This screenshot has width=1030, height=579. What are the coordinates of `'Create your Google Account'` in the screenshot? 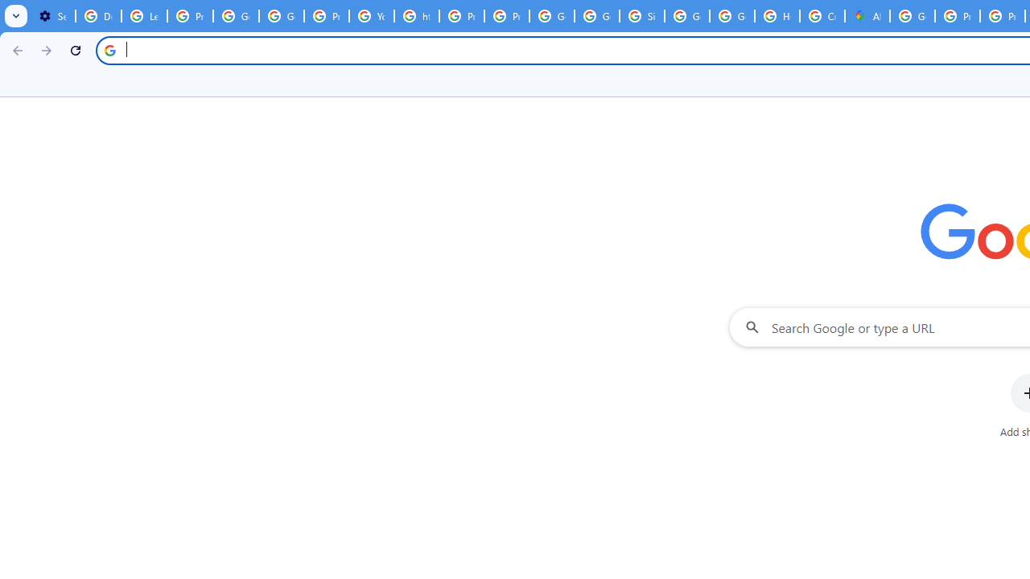 It's located at (822, 16).